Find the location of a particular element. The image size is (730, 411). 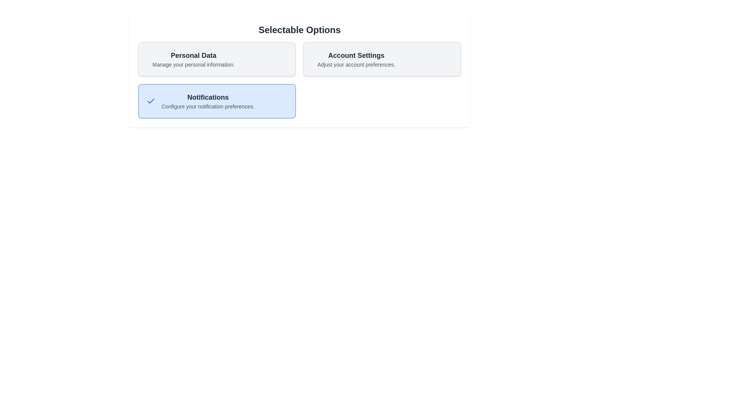

the account settings card located in the second position of a three-card grid layout is located at coordinates (382, 59).